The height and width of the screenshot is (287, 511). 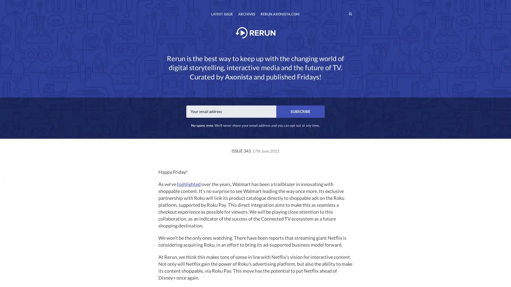 I want to click on TOGGLE MENU, so click(x=159, y=4).